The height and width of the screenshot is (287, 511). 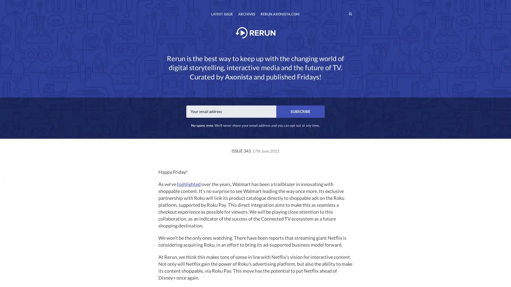 I want to click on TOGGLE MENU, so click(x=159, y=4).